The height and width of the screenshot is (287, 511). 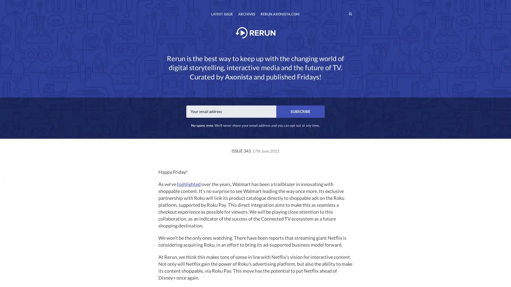 I want to click on TOGGLE MENU, so click(x=159, y=4).